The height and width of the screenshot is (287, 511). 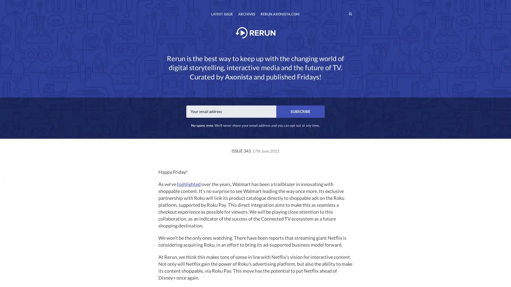 I want to click on TOGGLE MENU, so click(x=159, y=4).